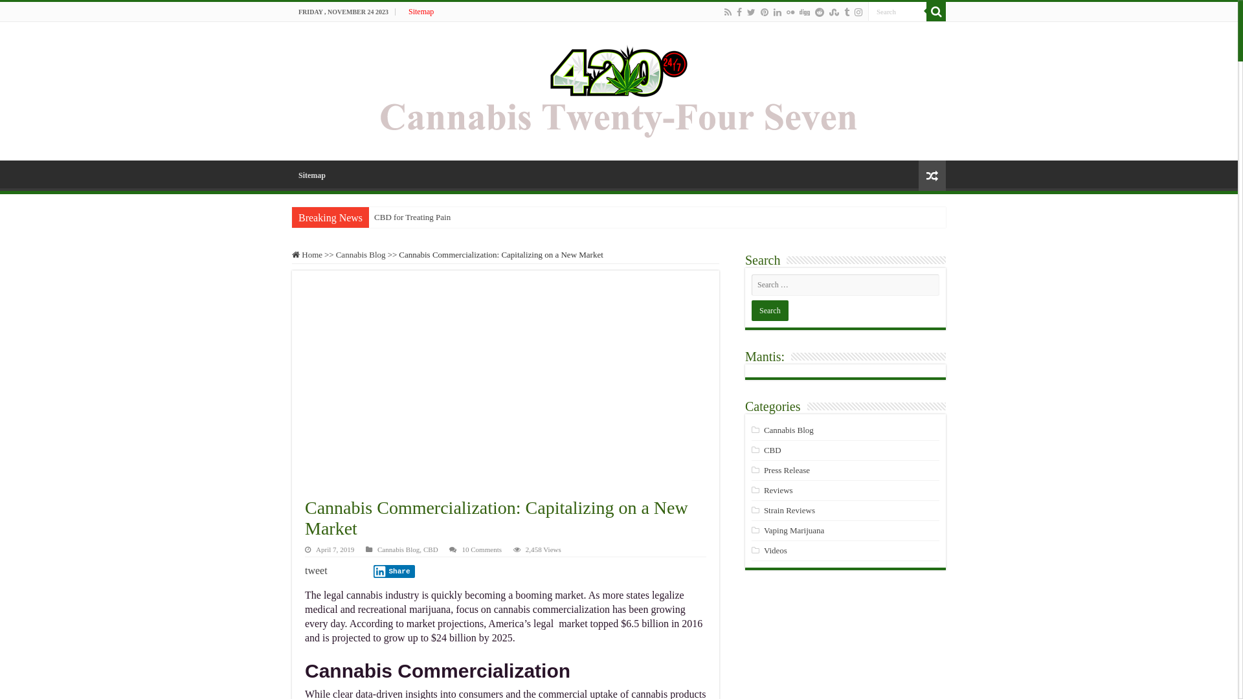 The width and height of the screenshot is (1243, 699). I want to click on 'Facebook', so click(739, 12).